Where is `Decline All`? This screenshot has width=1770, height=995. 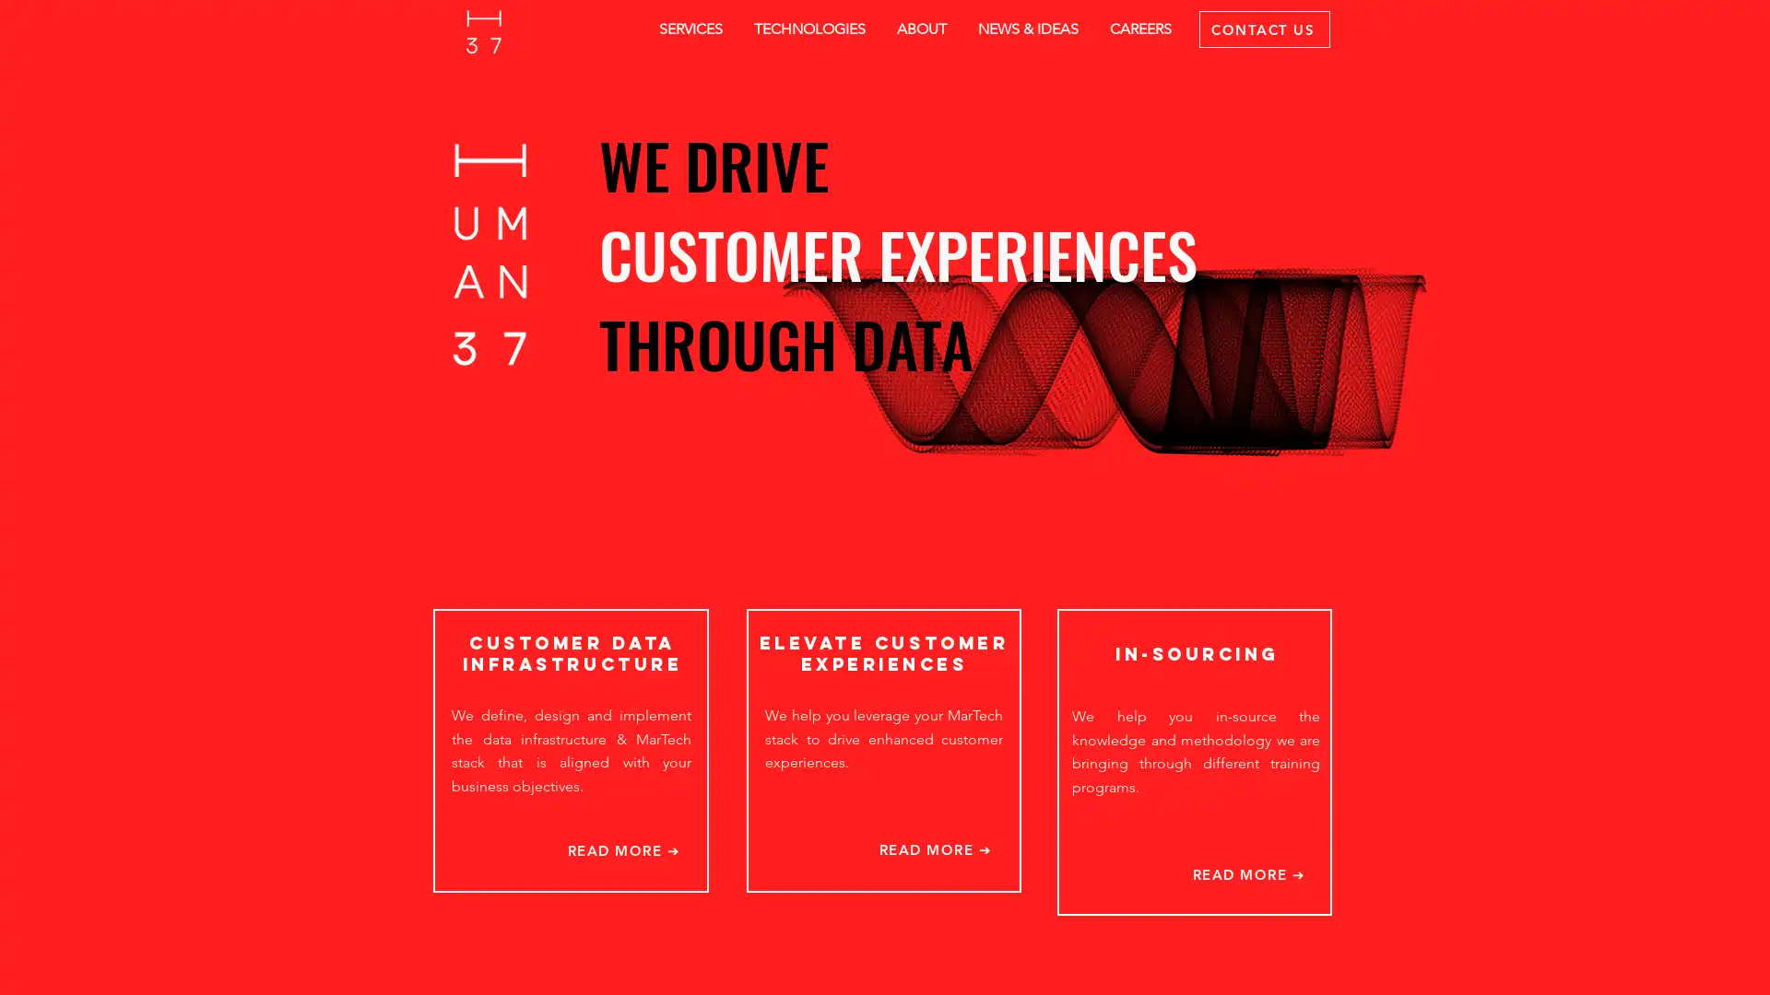
Decline All is located at coordinates (1587, 965).